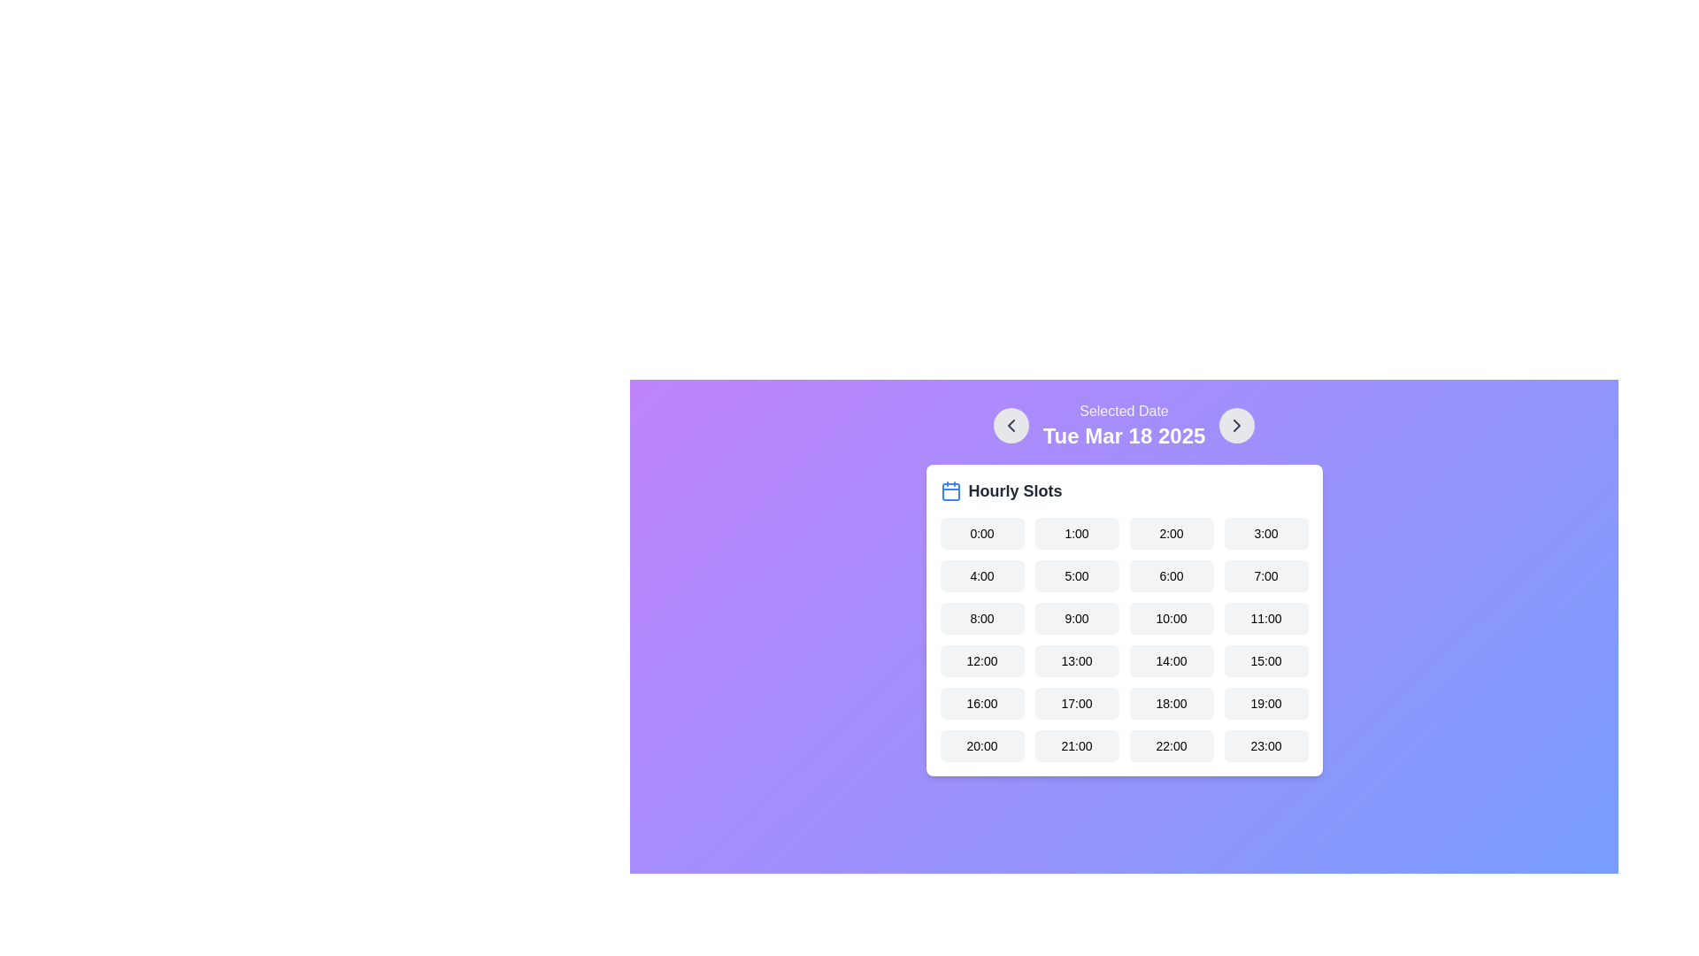  I want to click on the button labeled '2:00' located in the first row, third column of the hourly time slots grid, so click(1172, 532).